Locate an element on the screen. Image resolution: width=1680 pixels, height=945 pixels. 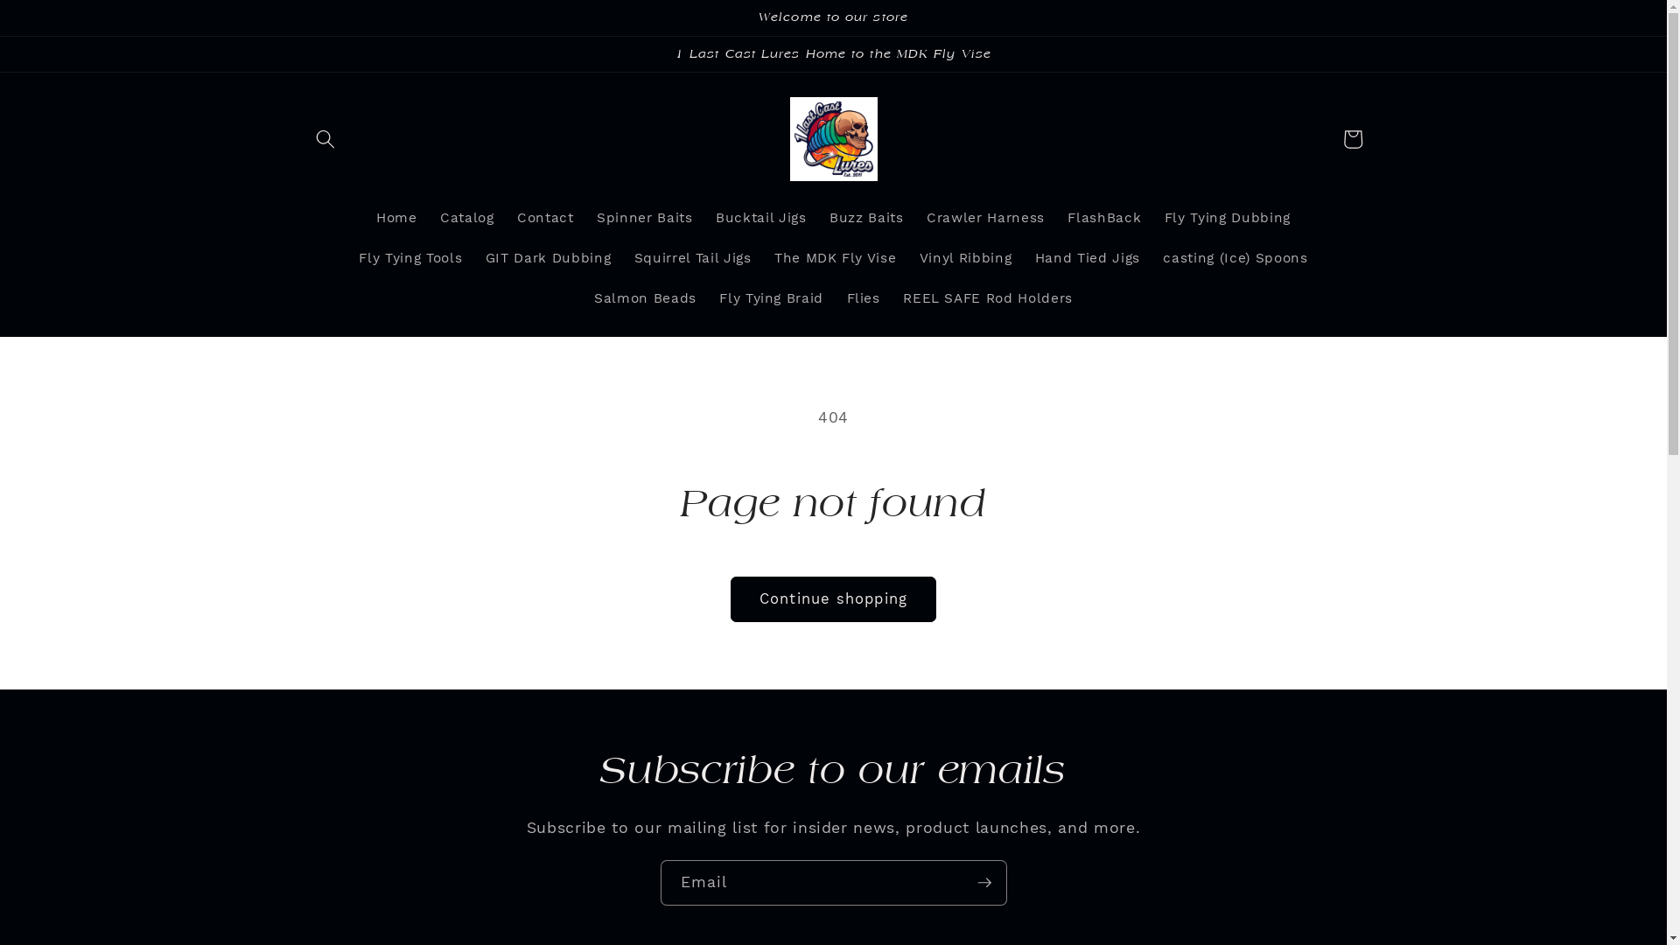
'Buzz Baits' is located at coordinates (866, 218).